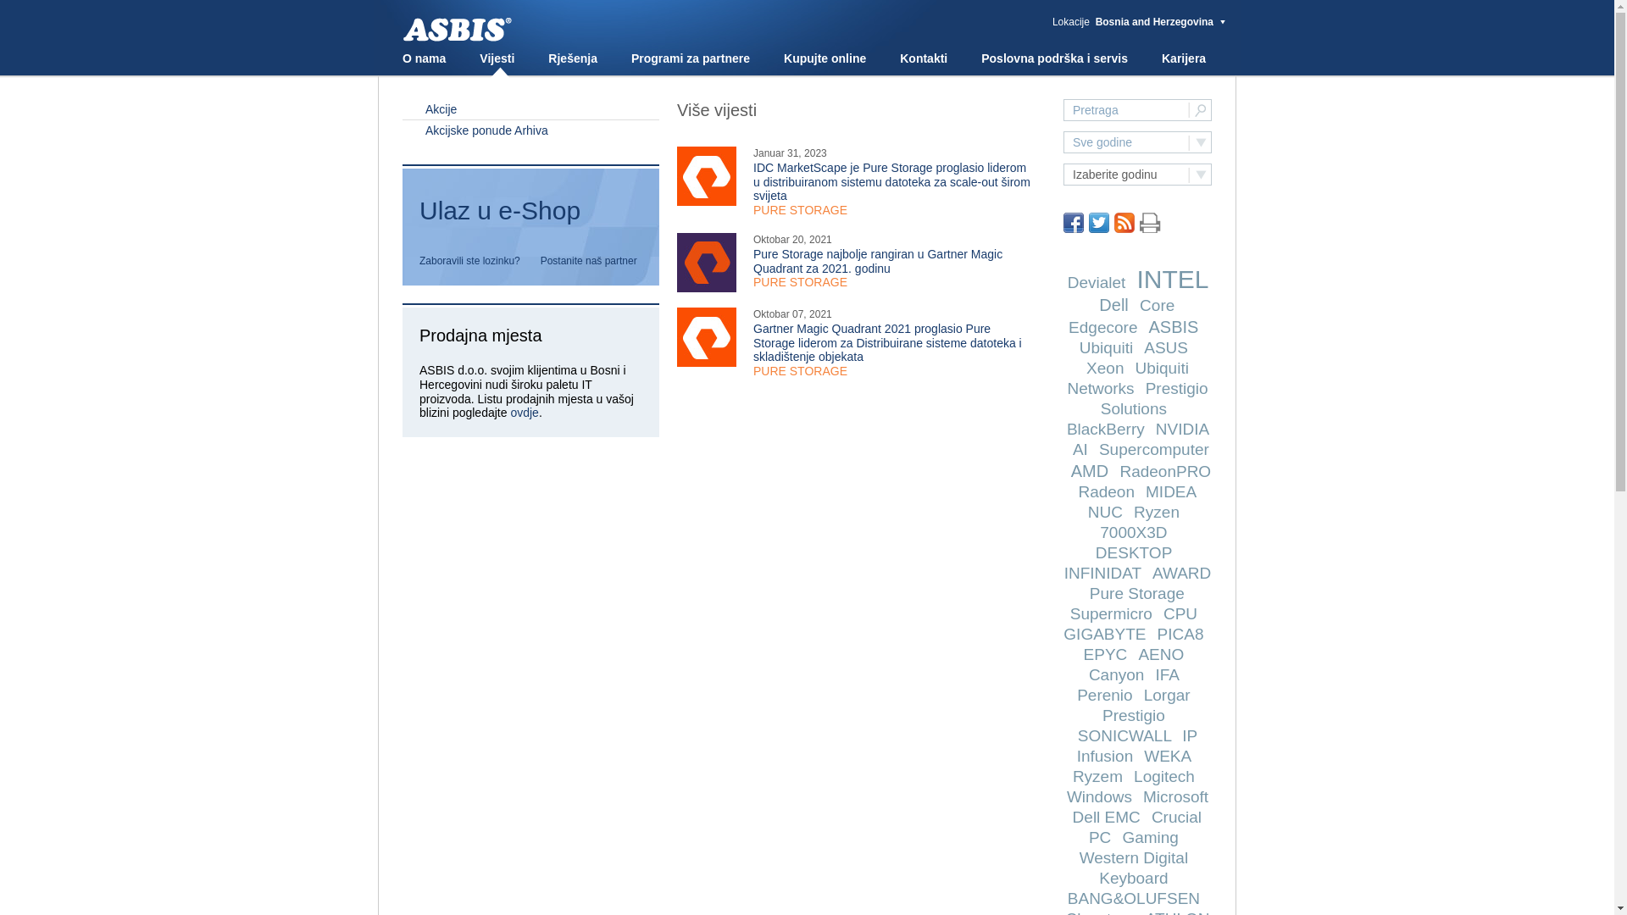 The height and width of the screenshot is (915, 1627). What do you see at coordinates (530, 129) in the screenshot?
I see `'Akcijske ponude Arhiva'` at bounding box center [530, 129].